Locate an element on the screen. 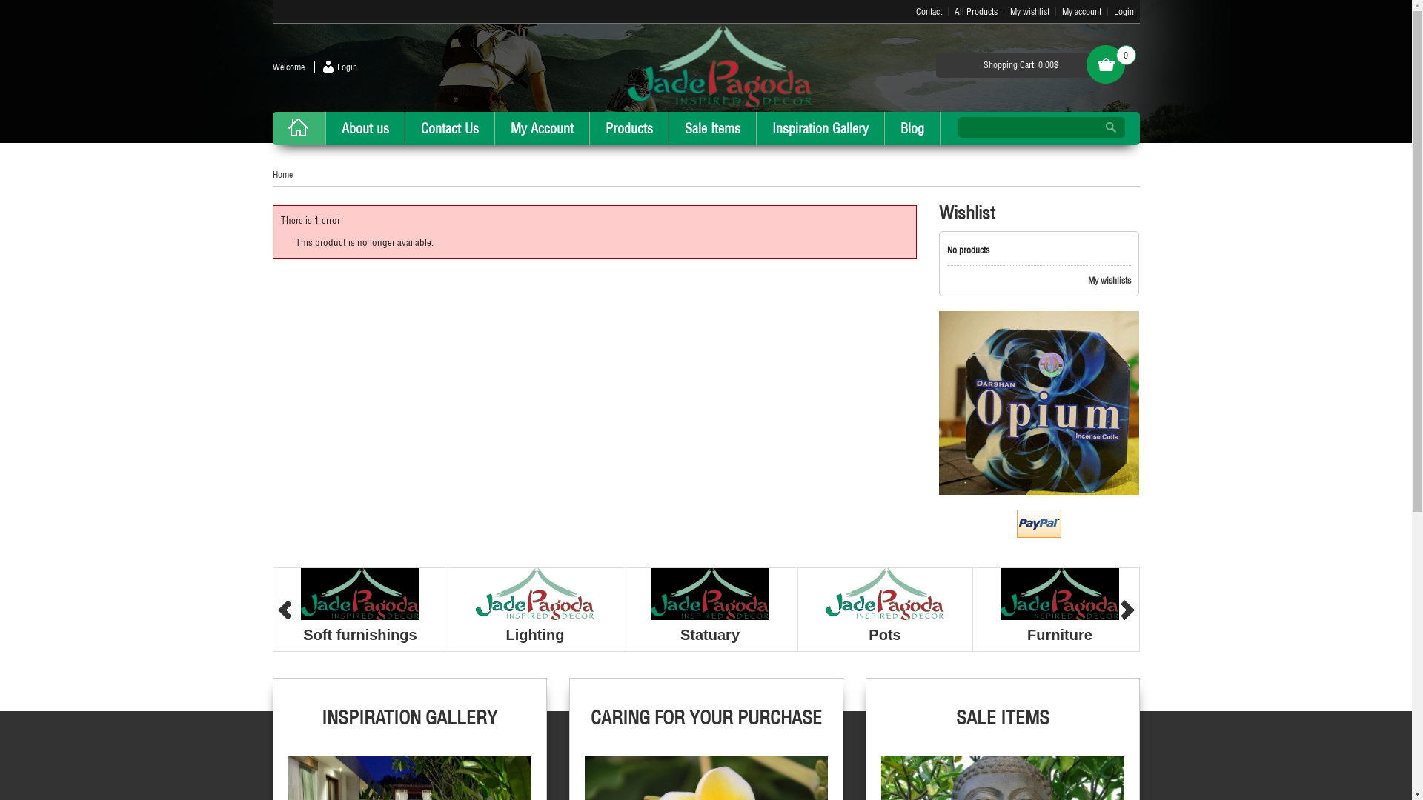 This screenshot has height=800, width=1423. 'Login' is located at coordinates (334, 67).